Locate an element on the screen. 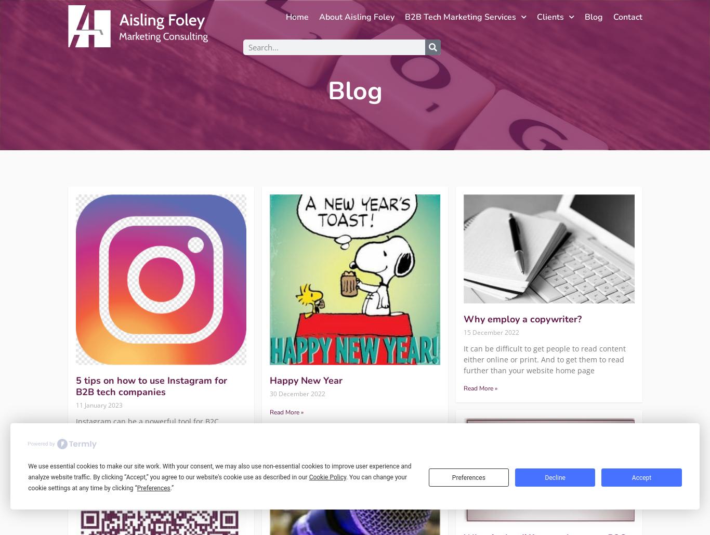  '15 December 2022' is located at coordinates (491, 332).